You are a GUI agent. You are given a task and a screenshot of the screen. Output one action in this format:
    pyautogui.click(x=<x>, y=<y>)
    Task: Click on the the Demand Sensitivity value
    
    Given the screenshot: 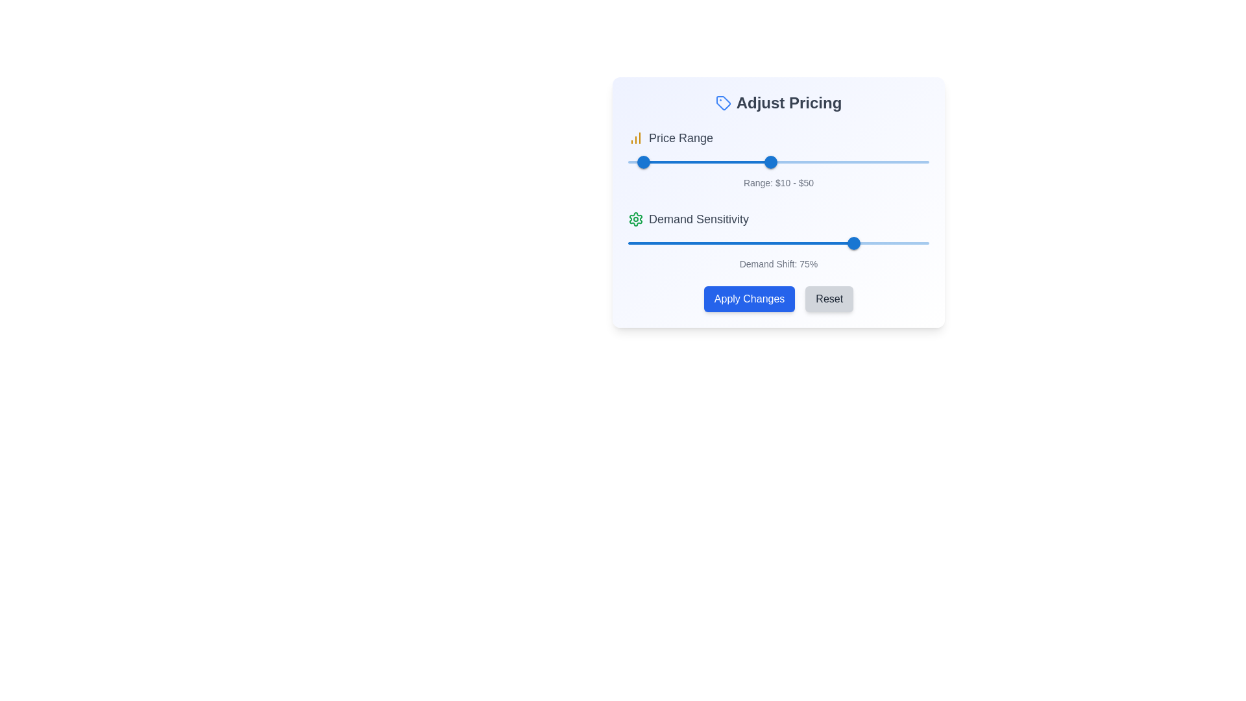 What is the action you would take?
    pyautogui.click(x=828, y=243)
    